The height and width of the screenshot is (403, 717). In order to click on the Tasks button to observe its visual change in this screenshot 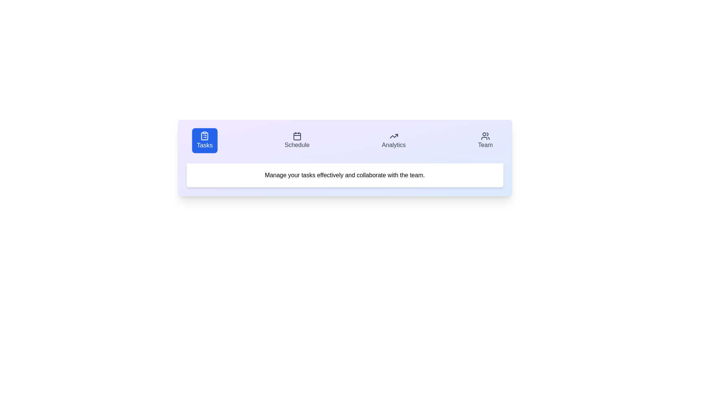, I will do `click(204, 141)`.